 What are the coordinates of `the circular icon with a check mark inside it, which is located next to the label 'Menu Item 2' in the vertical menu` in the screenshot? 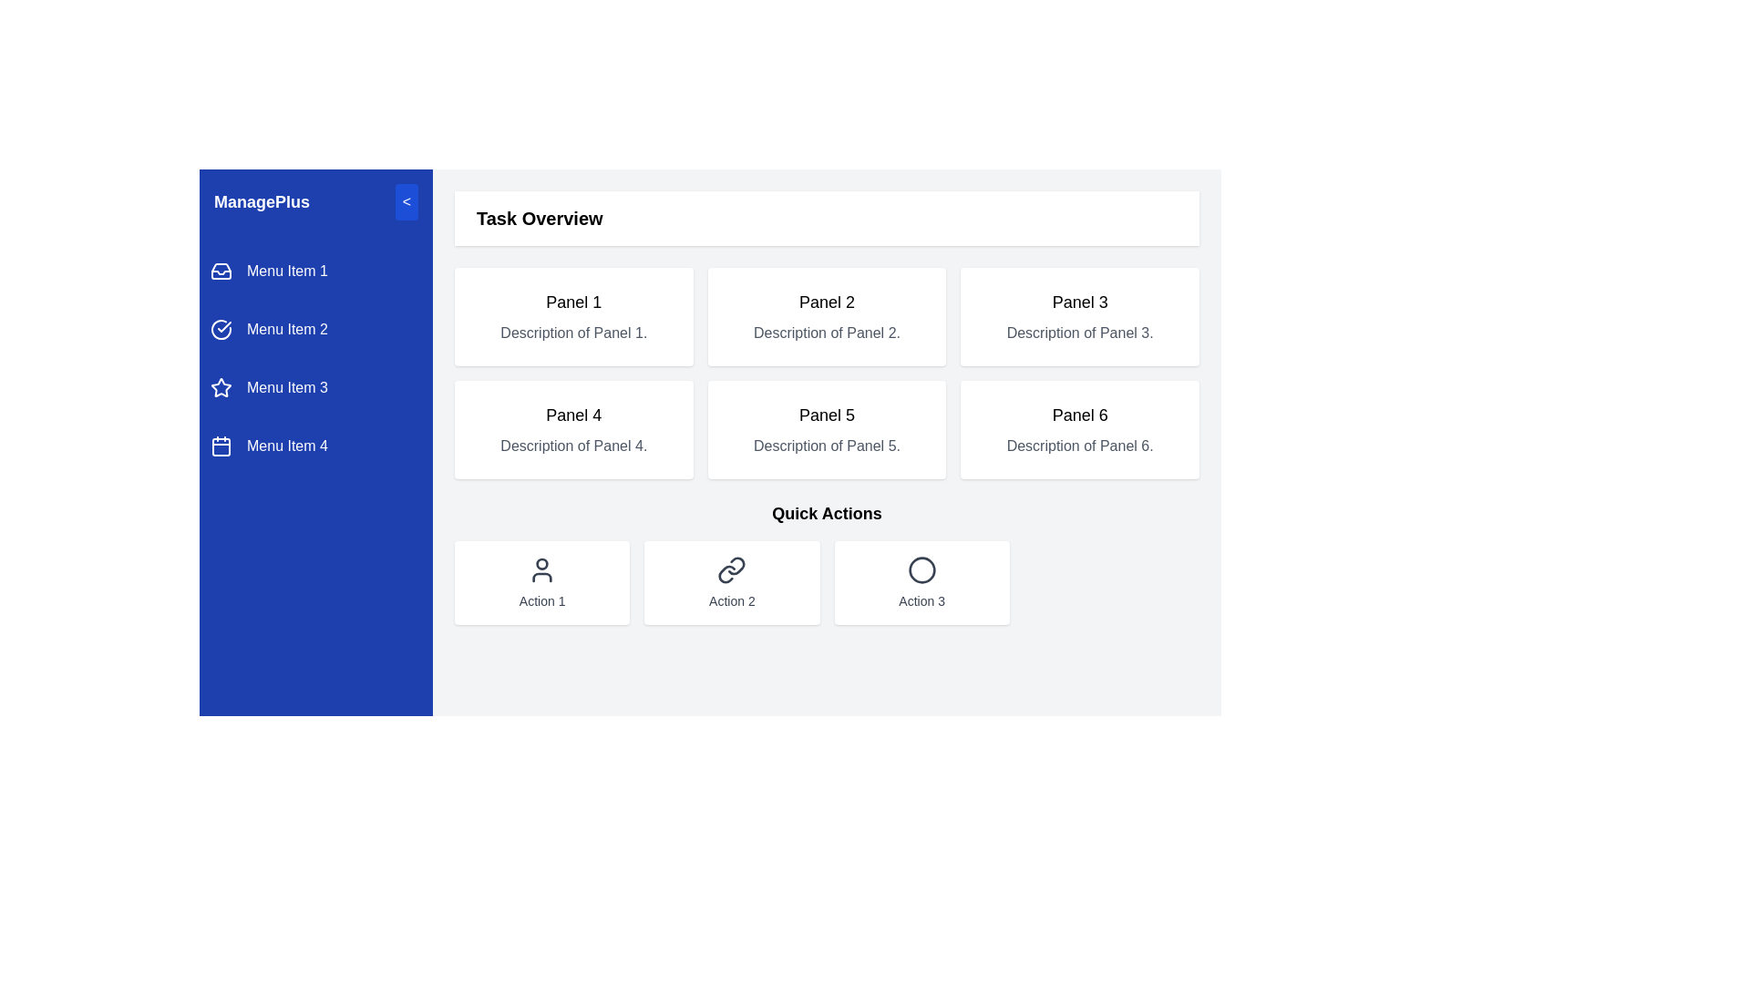 It's located at (221, 330).